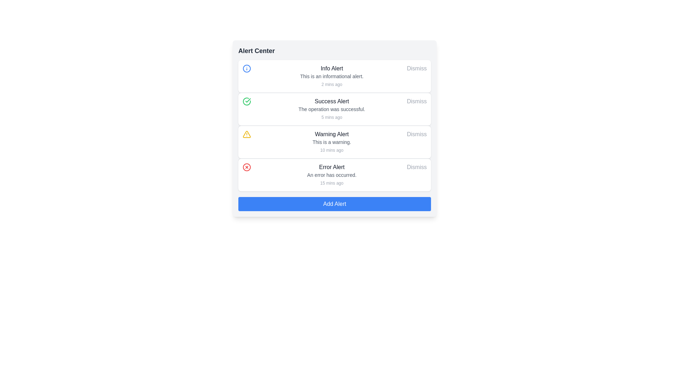  Describe the element at coordinates (331, 175) in the screenshot. I see `the 'Error Alert' notification element, which displays a bold title 'Error Alert', a description 'An error has occurred.', and a timestamp '15 mins ago', located in the Alert Center interface` at that location.